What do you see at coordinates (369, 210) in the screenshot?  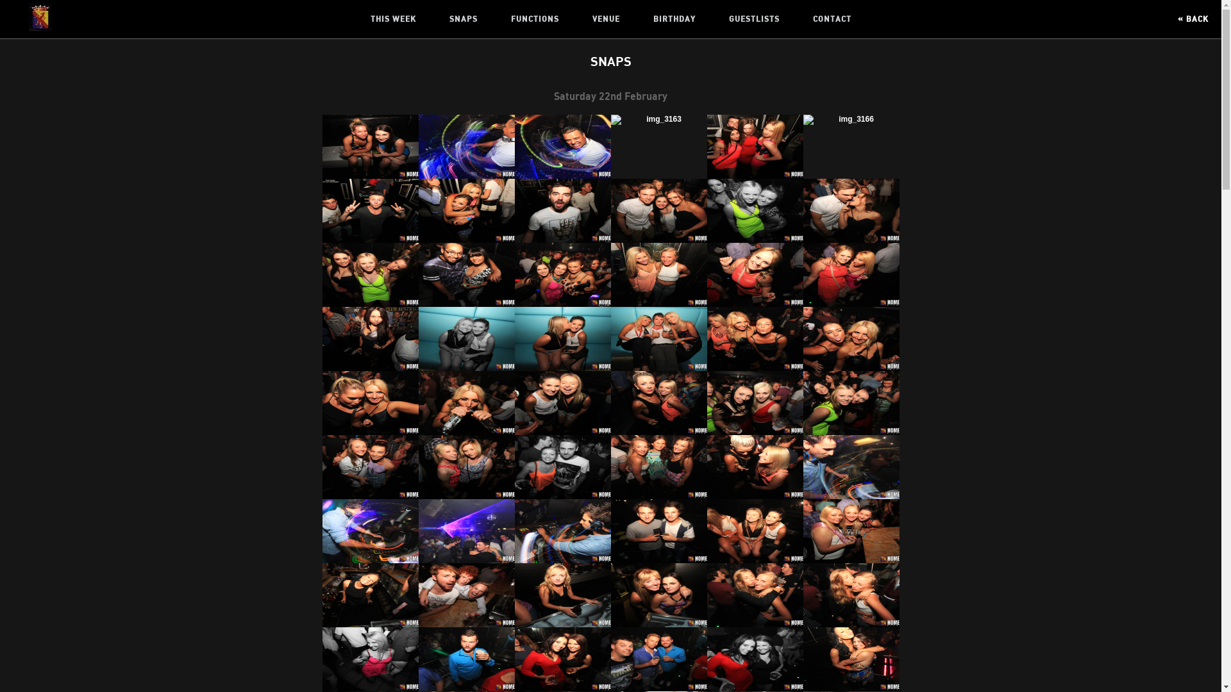 I see `' '` at bounding box center [369, 210].